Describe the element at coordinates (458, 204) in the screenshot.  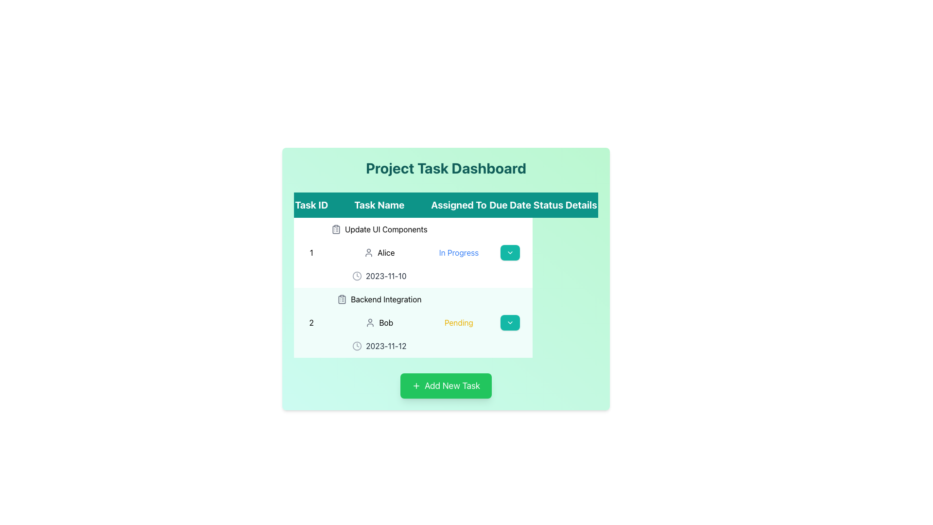
I see `the 'Assigned To' column header in the table, which is the third header from the left, situated between 'Task Name' and 'Due Date'` at that location.